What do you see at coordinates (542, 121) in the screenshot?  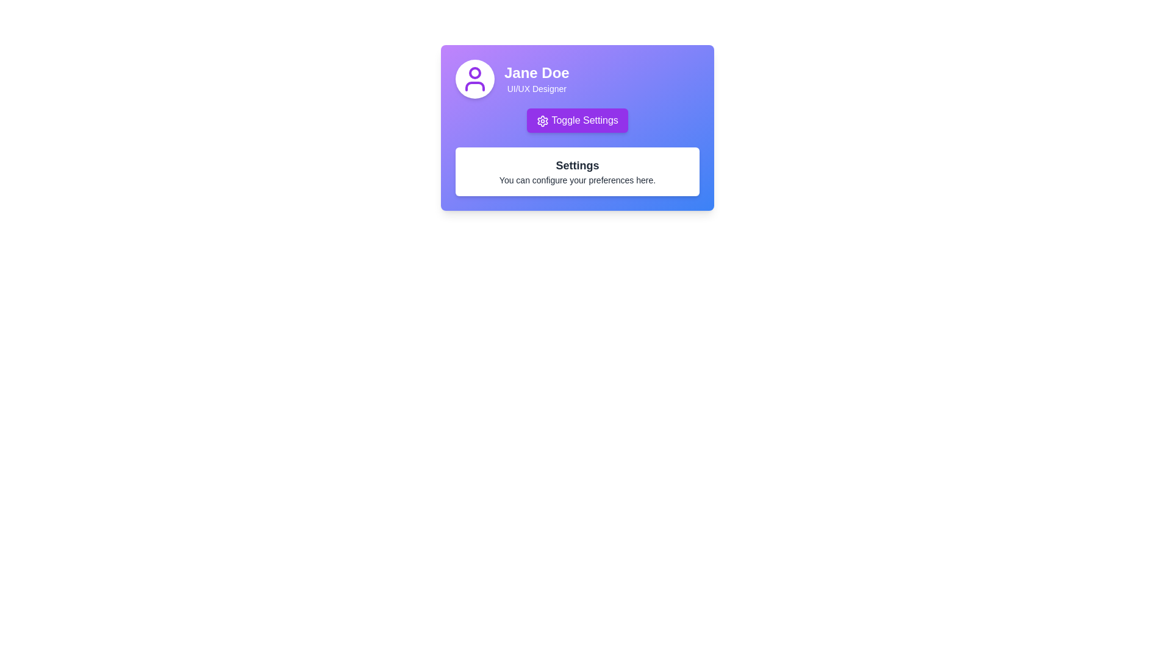 I see `the settings gear icon, which is a white icon against a purple background, located to the left of the 'Toggle Settings' button` at bounding box center [542, 121].